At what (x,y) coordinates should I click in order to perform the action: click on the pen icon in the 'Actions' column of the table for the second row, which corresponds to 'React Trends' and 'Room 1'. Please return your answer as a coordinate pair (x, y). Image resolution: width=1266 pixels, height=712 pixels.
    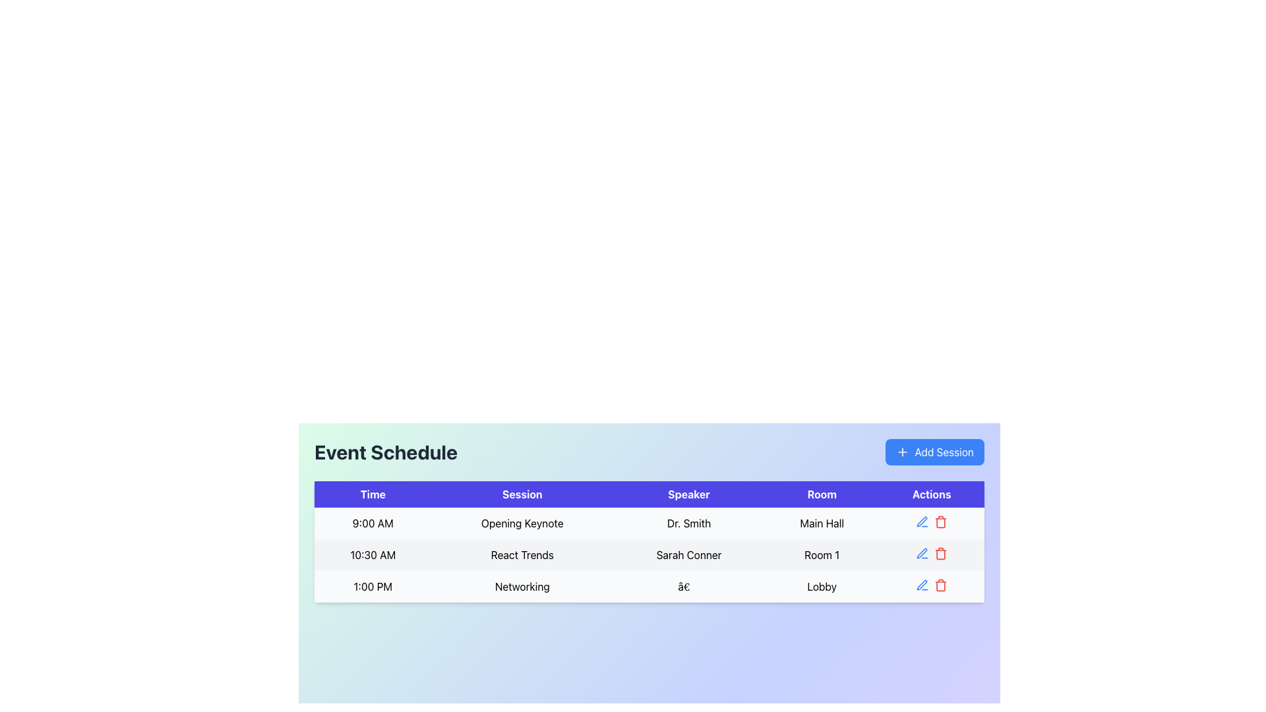
    Looking at the image, I should click on (921, 584).